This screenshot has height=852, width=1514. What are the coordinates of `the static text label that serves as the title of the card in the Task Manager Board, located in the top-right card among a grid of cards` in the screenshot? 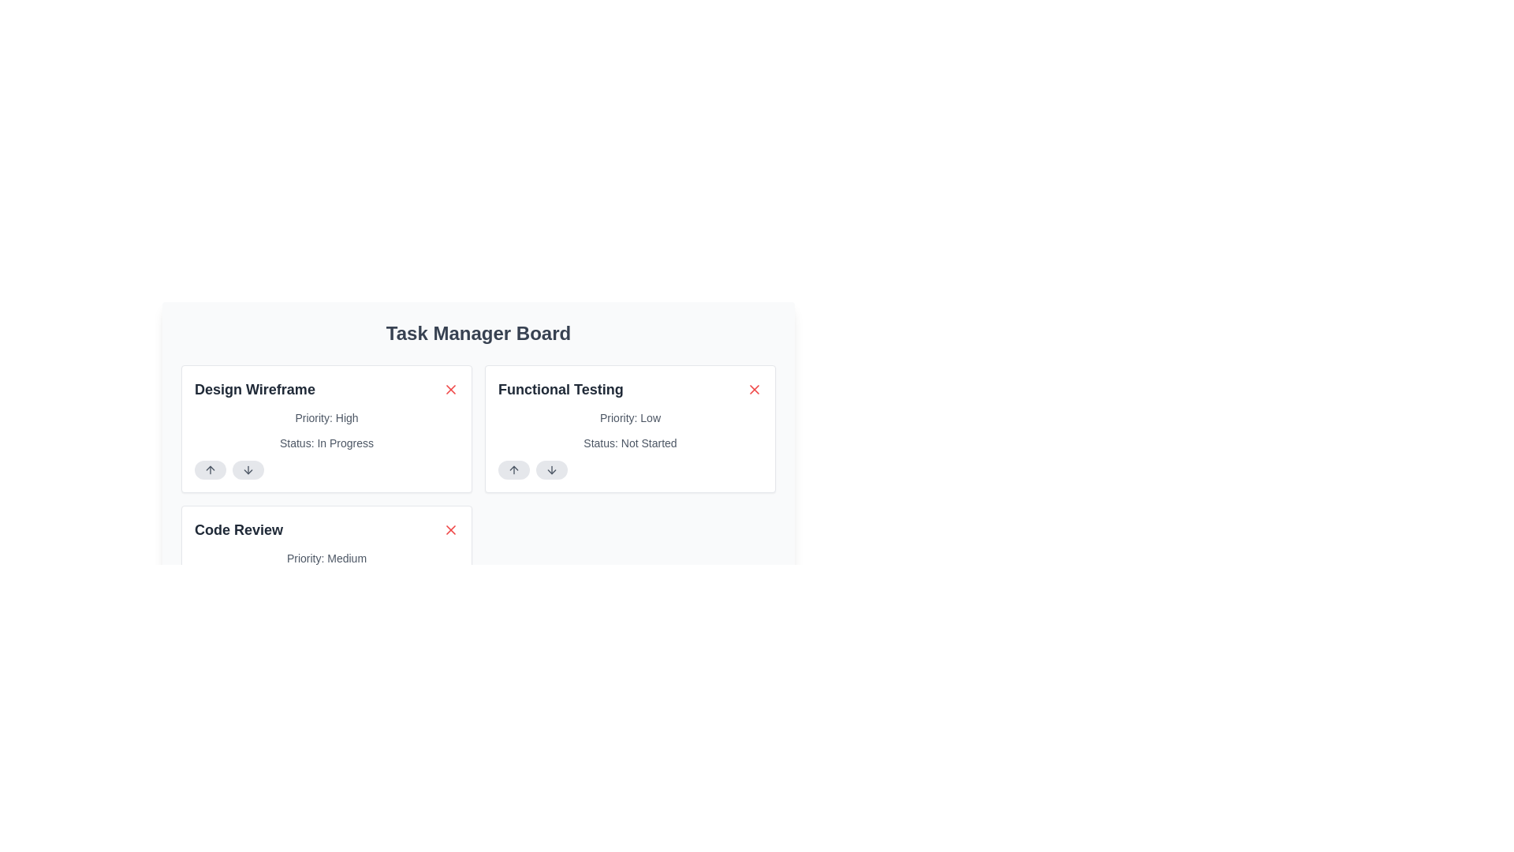 It's located at (561, 389).